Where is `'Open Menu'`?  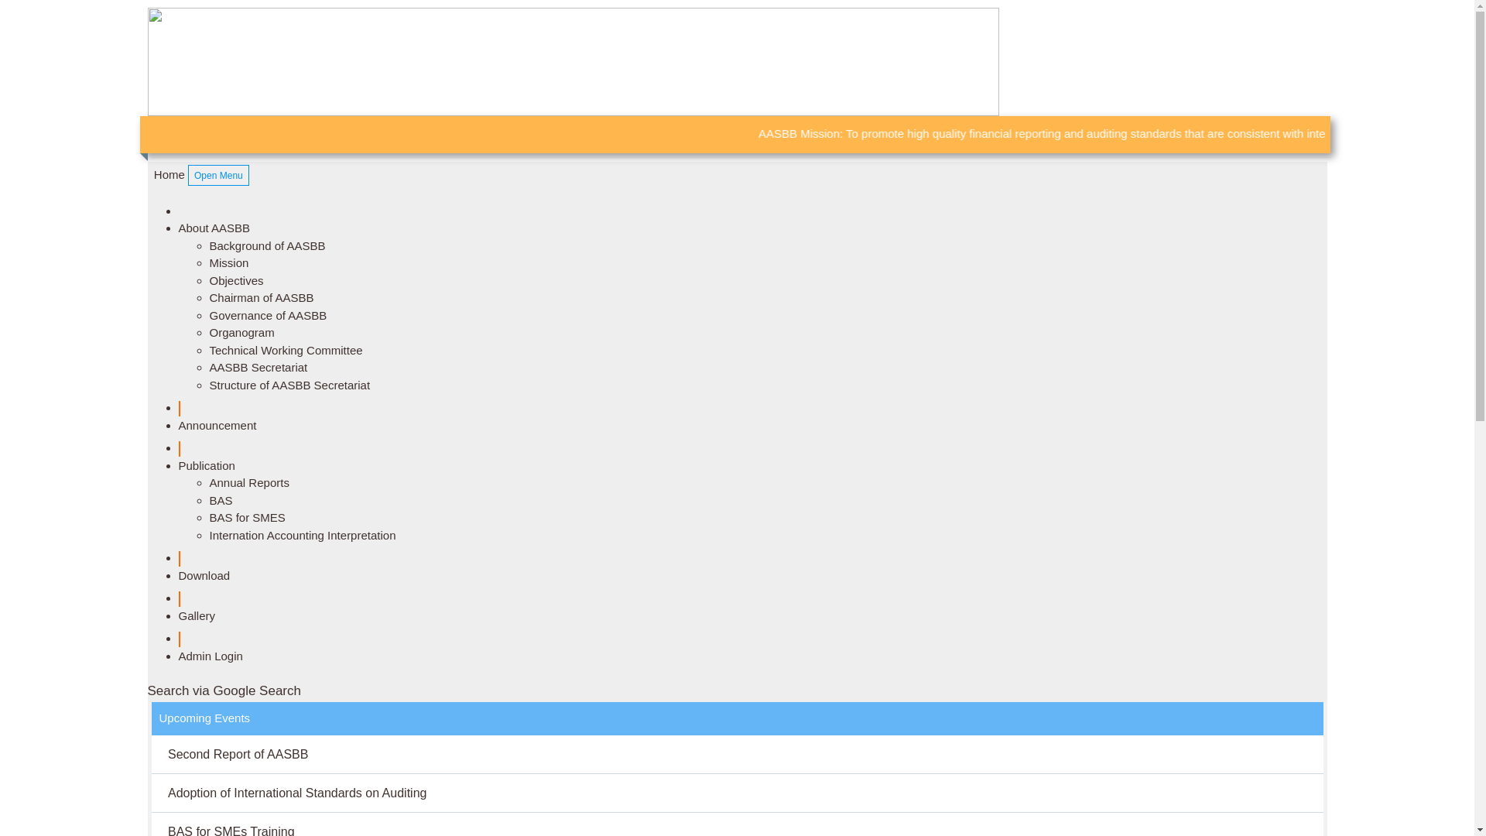
'Open Menu' is located at coordinates (217, 174).